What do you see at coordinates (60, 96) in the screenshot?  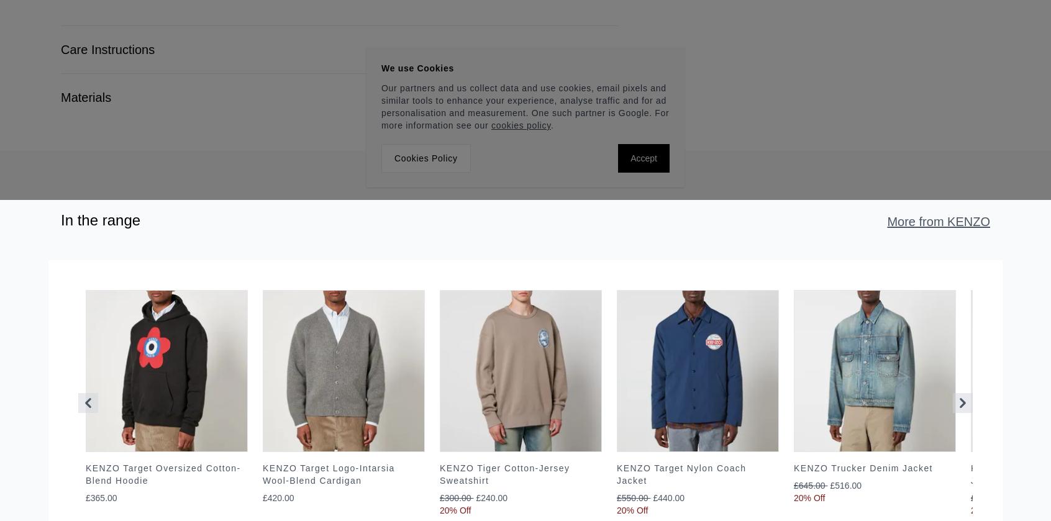 I see `'Materials'` at bounding box center [60, 96].